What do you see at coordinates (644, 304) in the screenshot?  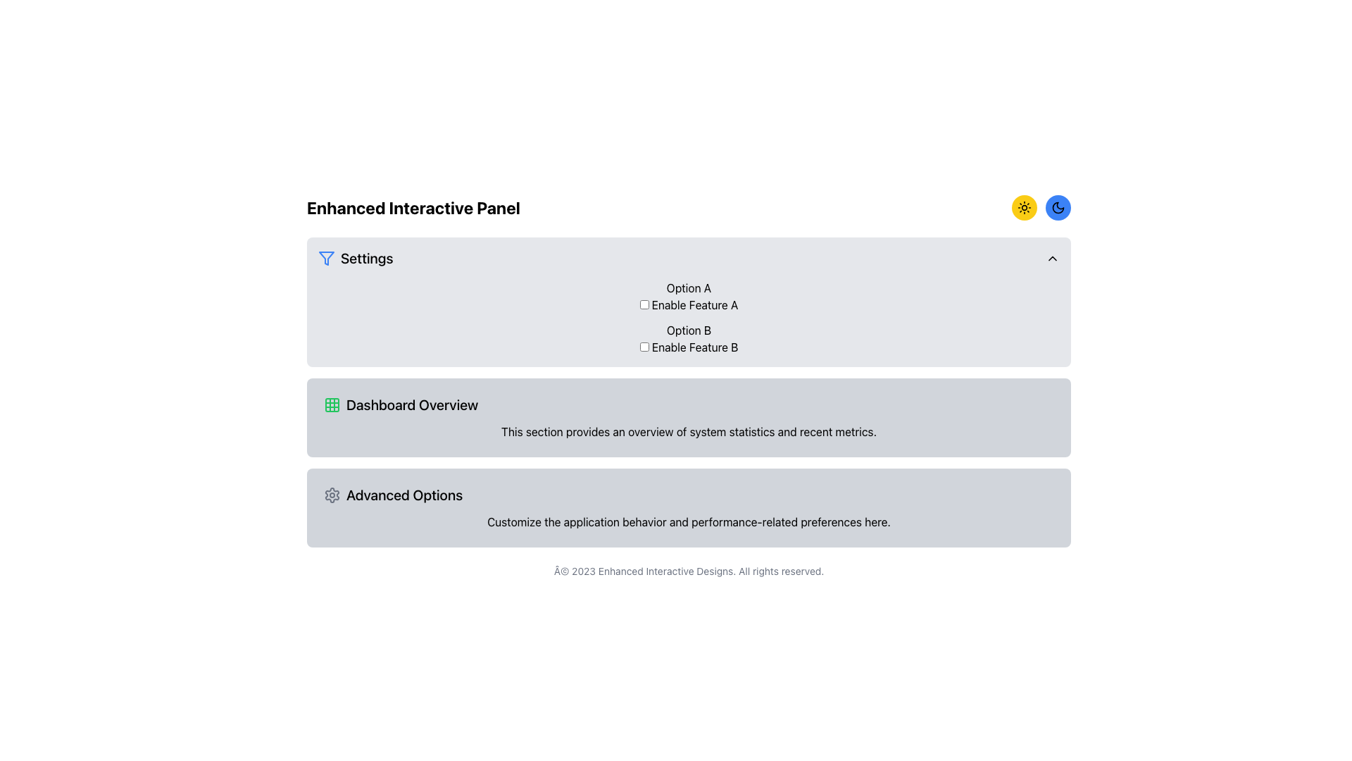 I see `the checkbox located to the left of the label 'Enable Feature A' under the heading 'Option A'` at bounding box center [644, 304].